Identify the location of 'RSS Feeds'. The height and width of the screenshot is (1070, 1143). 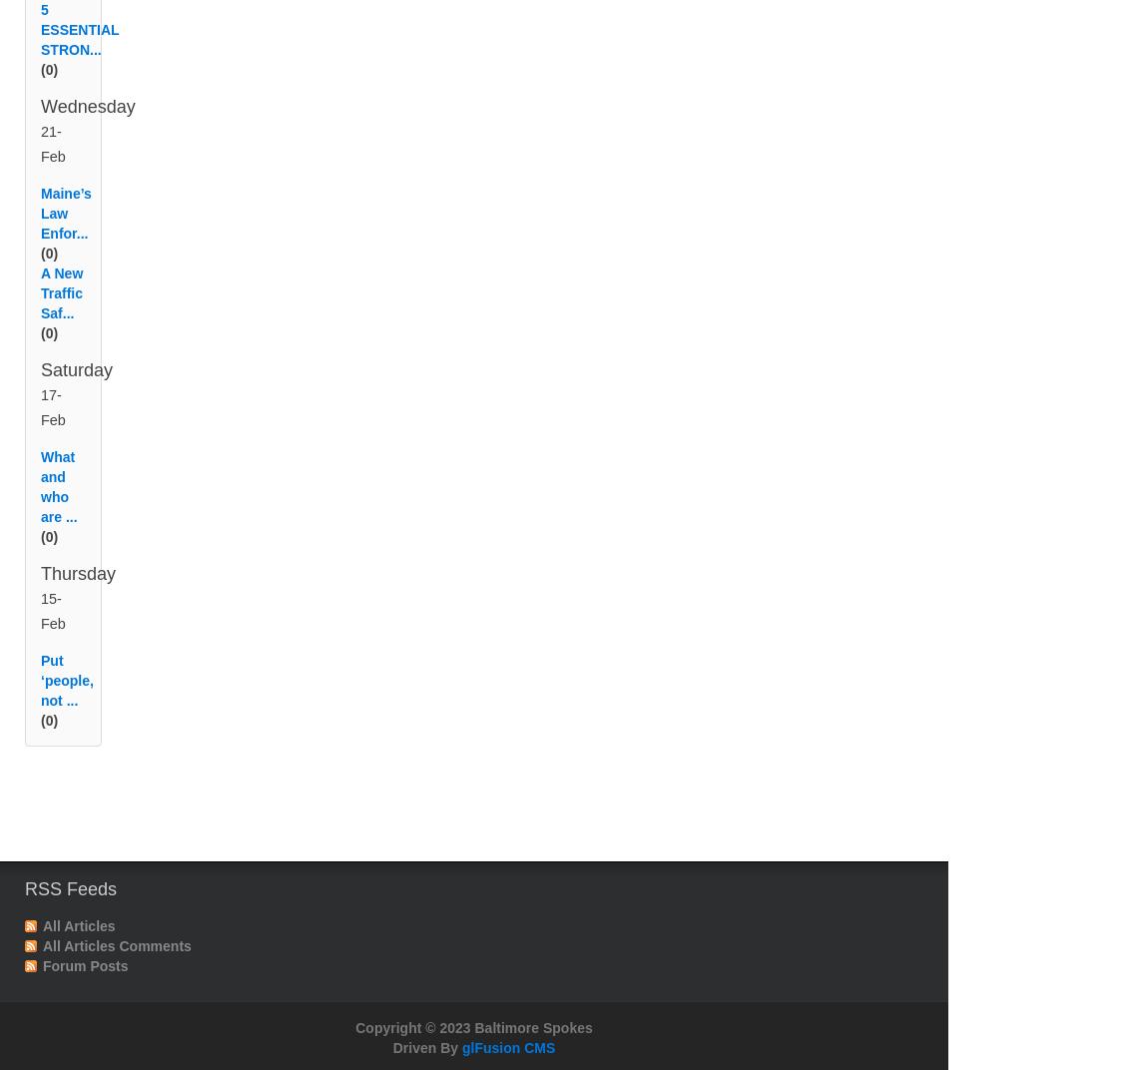
(24, 912).